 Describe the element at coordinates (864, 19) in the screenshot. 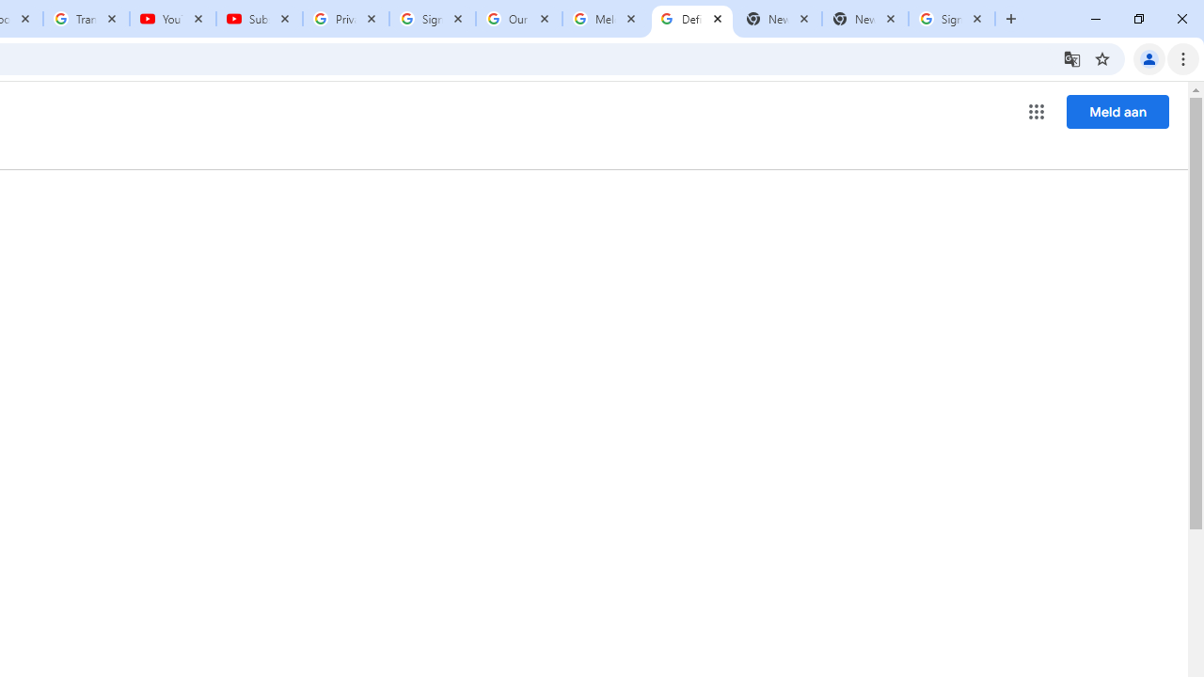

I see `'New Tab'` at that location.